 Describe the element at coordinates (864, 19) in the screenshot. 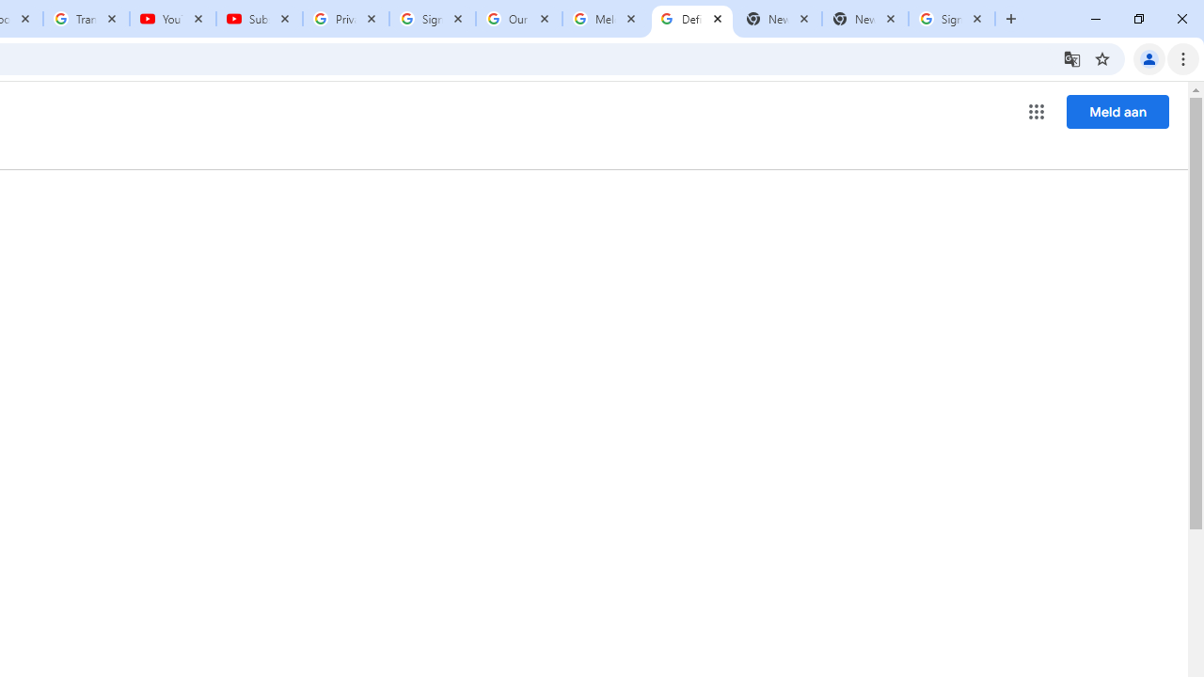

I see `'New Tab'` at that location.